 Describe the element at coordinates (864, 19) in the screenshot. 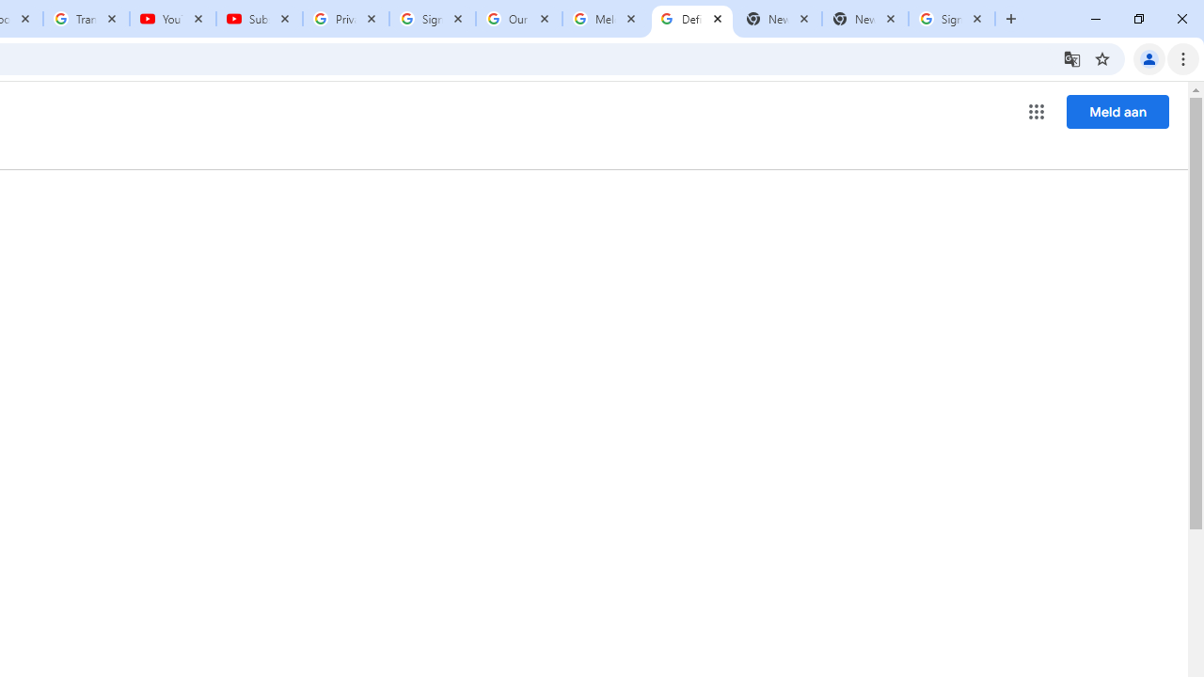

I see `'New Tab'` at that location.